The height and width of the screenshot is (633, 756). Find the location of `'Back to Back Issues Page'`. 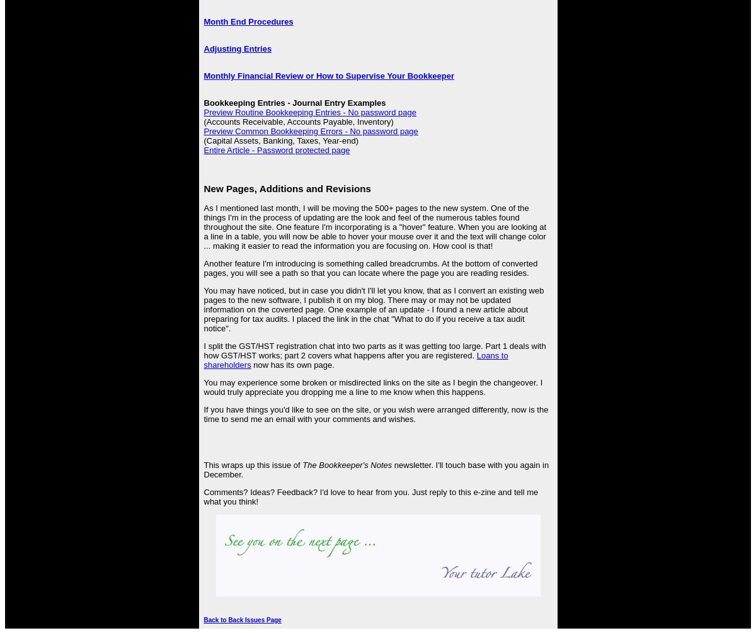

'Back to Back Issues Page' is located at coordinates (203, 619).